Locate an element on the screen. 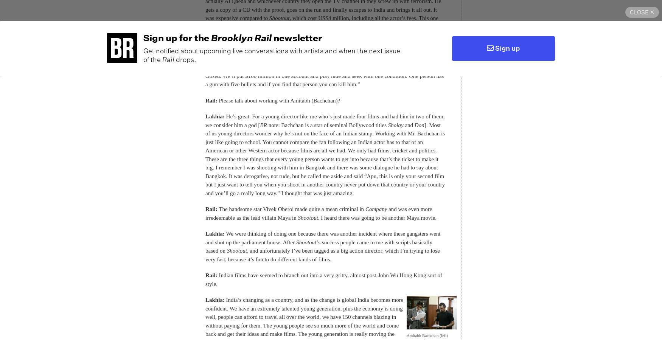 The width and height of the screenshot is (662, 340). 'BR' is located at coordinates (263, 124).